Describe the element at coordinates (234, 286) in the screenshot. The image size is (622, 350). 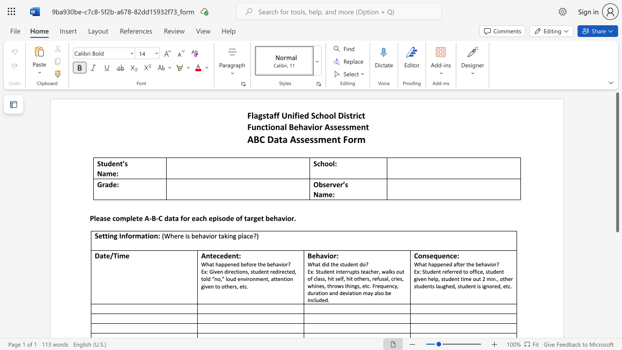
I see `the subset text "s, e" within the text "loud environment, attention given to others, etc."` at that location.